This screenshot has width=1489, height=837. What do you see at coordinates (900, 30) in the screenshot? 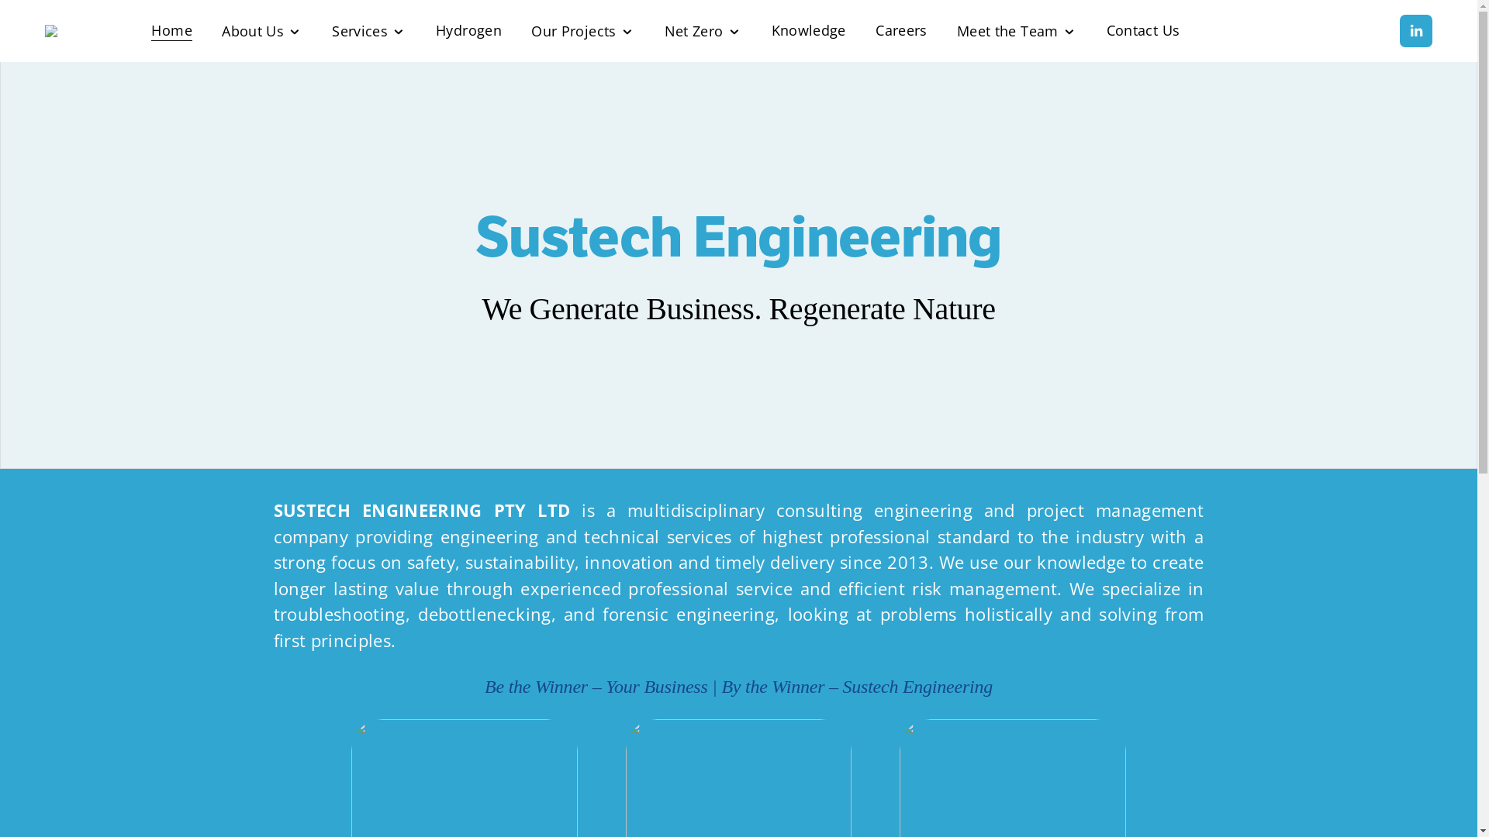
I see `'Careers'` at bounding box center [900, 30].